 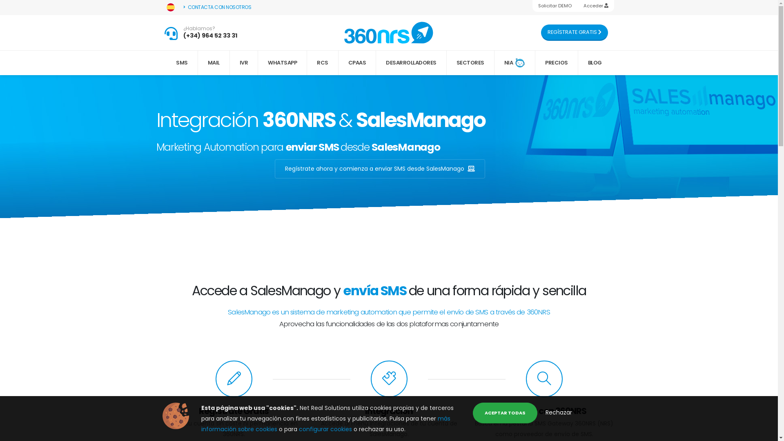 What do you see at coordinates (357, 62) in the screenshot?
I see `'CPAAS'` at bounding box center [357, 62].